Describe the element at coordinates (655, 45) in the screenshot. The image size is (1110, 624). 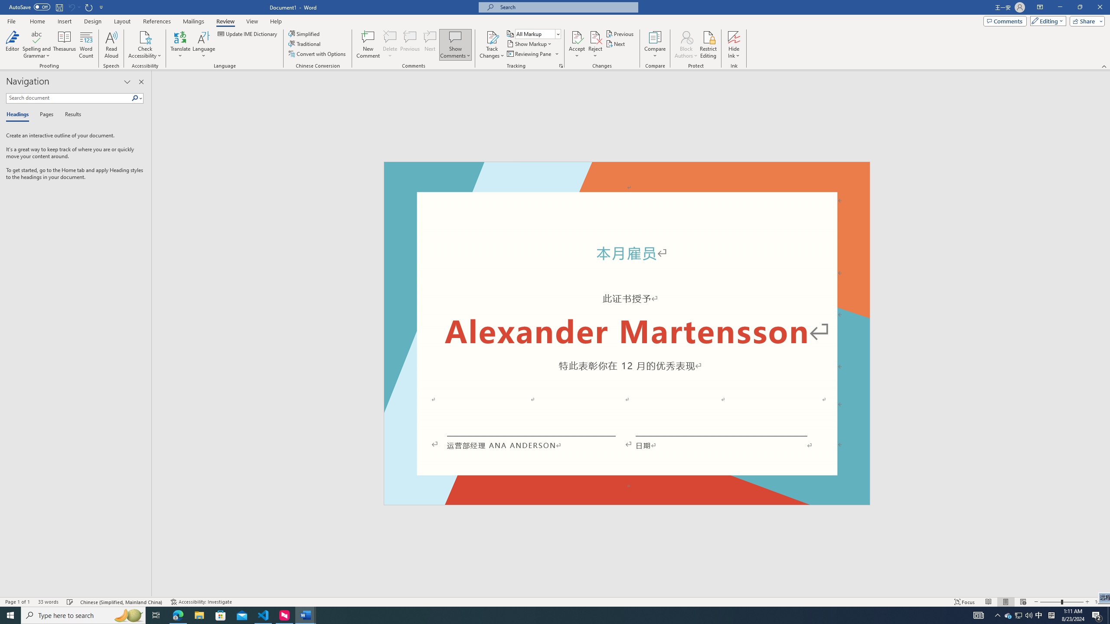
I see `'Compare'` at that location.